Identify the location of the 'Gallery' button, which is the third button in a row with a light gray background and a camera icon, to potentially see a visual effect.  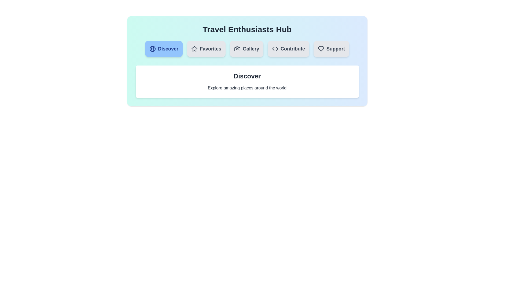
(246, 49).